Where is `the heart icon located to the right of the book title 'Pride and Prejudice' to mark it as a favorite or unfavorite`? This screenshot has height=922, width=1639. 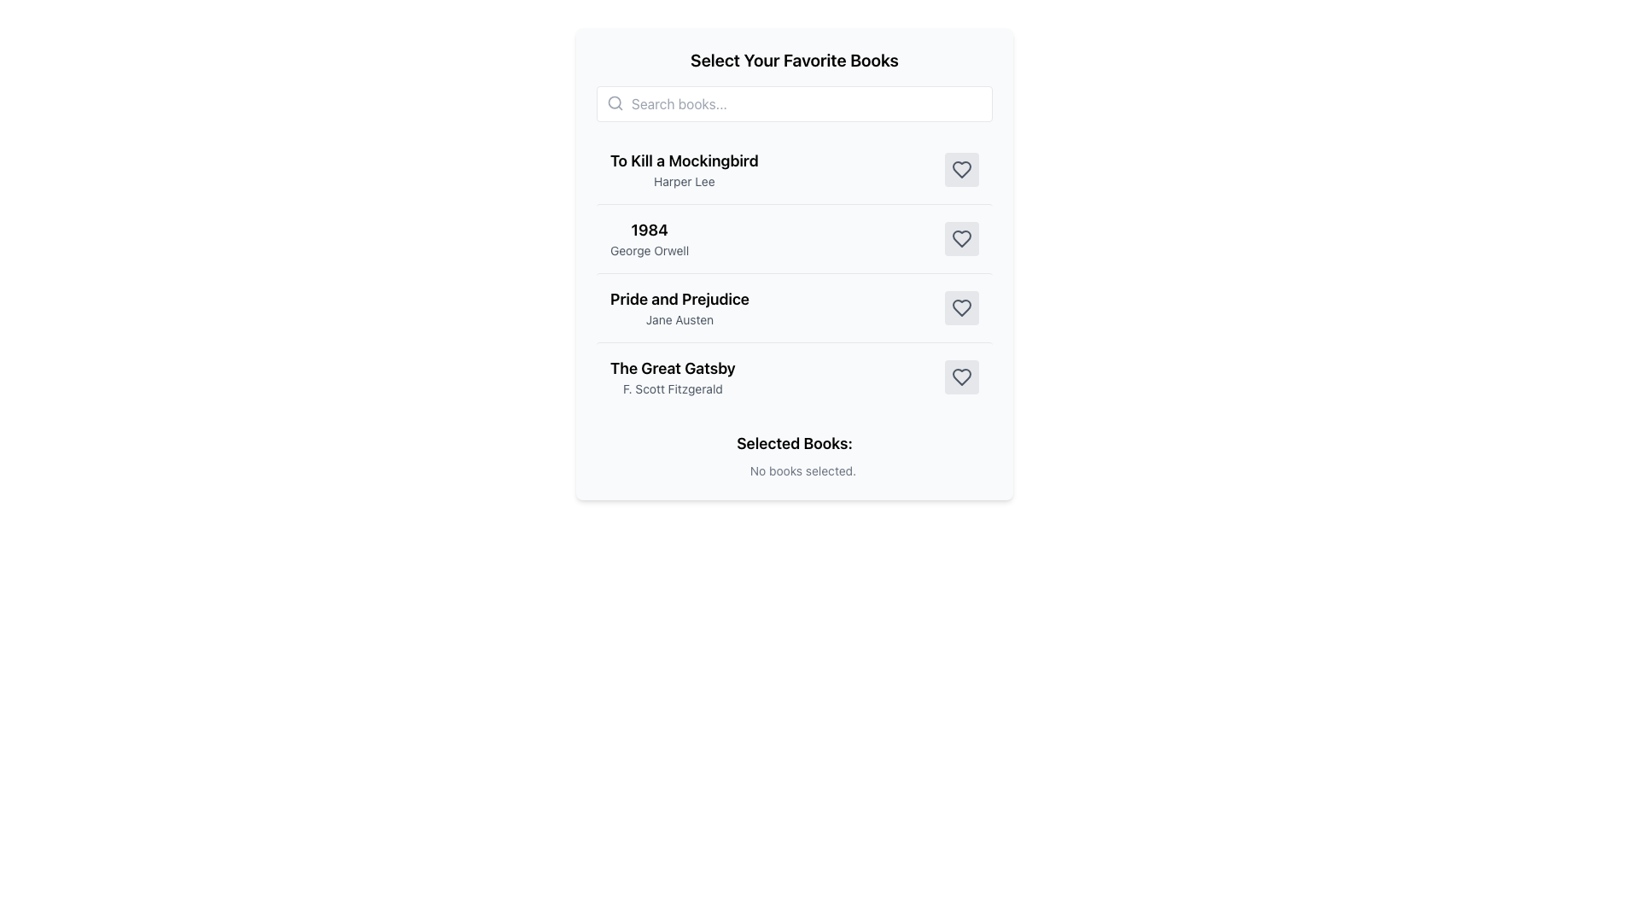 the heart icon located to the right of the book title 'Pride and Prejudice' to mark it as a favorite or unfavorite is located at coordinates (962, 308).